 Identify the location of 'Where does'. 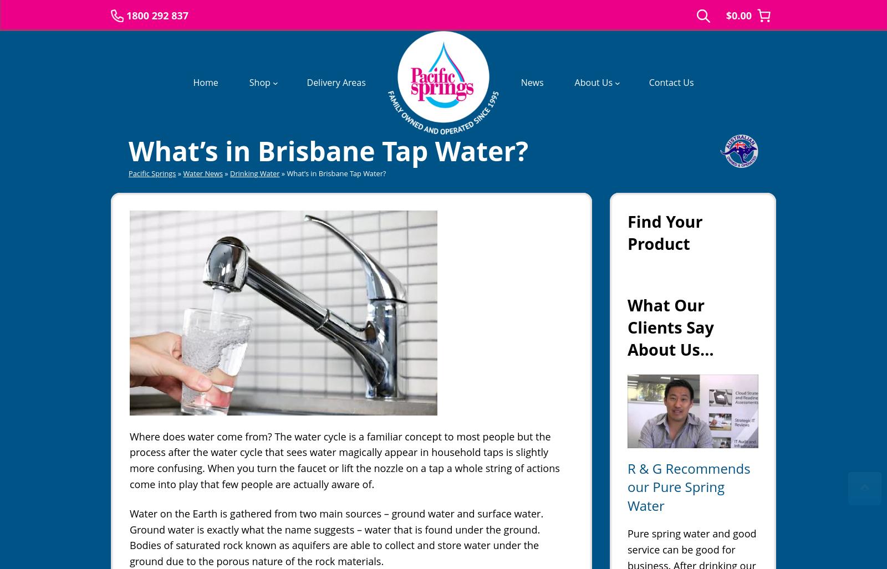
(157, 435).